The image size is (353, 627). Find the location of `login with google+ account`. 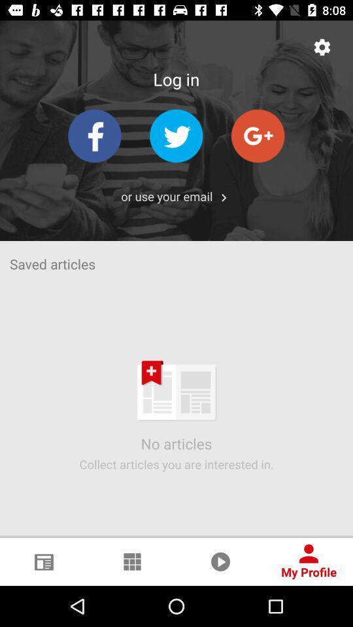

login with google+ account is located at coordinates (258, 136).